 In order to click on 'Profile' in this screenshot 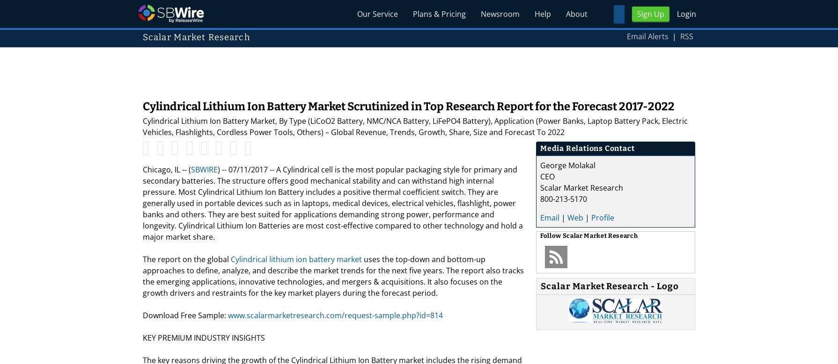, I will do `click(591, 217)`.